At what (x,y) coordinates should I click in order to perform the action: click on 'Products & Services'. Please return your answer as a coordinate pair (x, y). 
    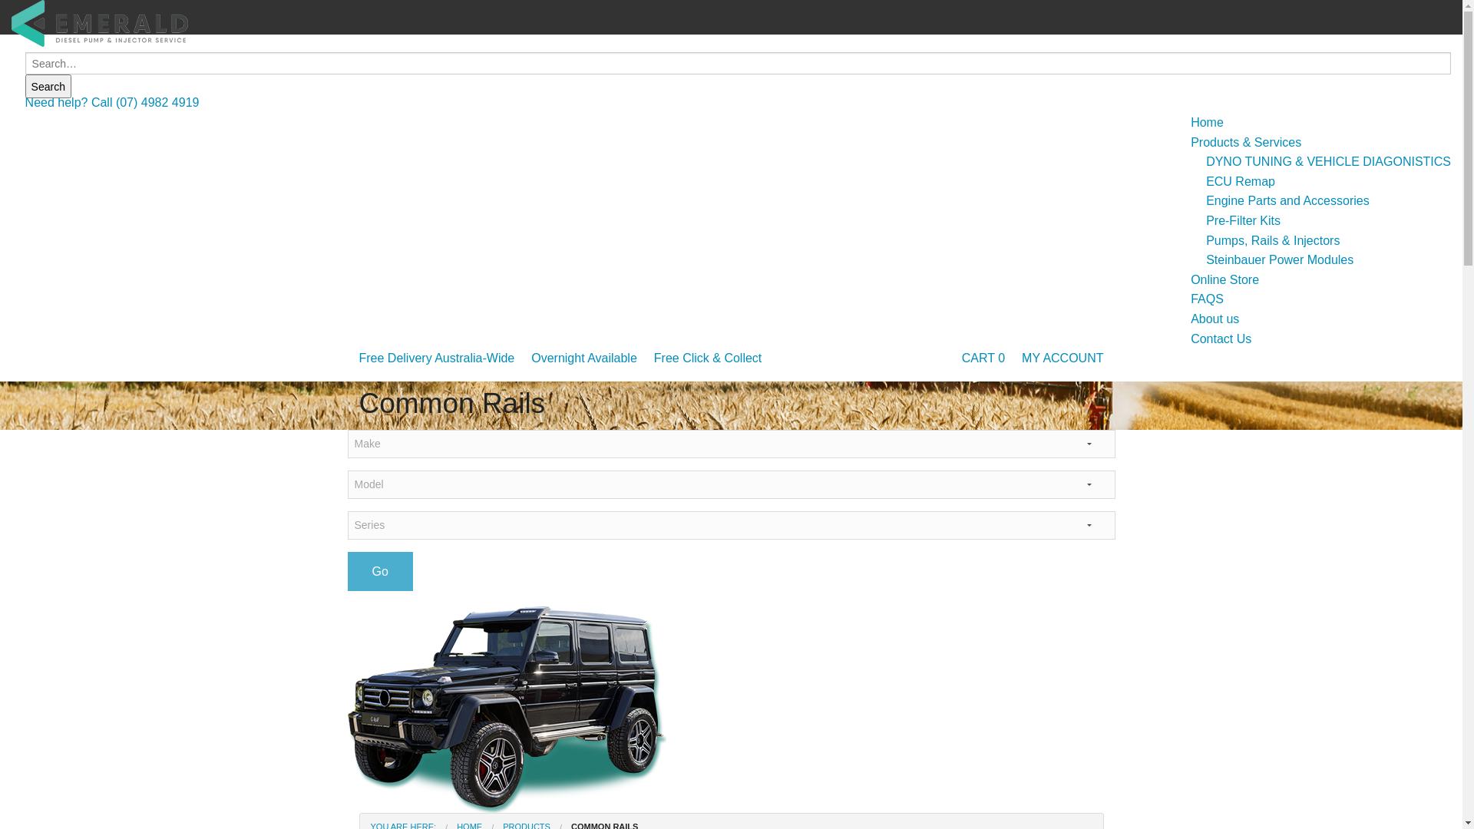
    Looking at the image, I should click on (1245, 142).